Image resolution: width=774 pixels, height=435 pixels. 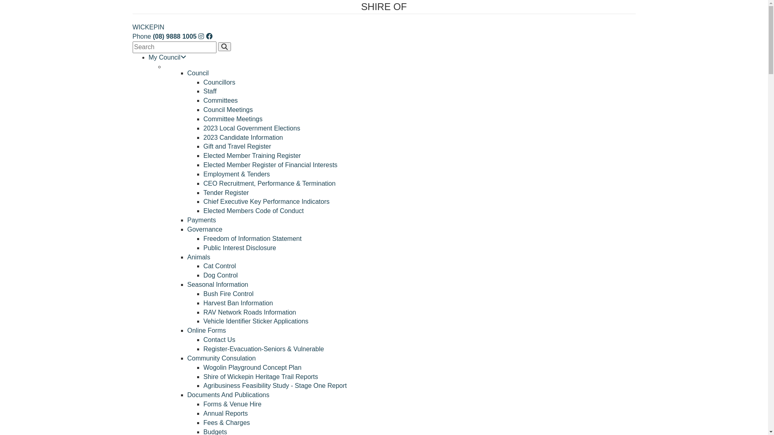 What do you see at coordinates (266, 201) in the screenshot?
I see `'Chief Executive Key Performance Indicators'` at bounding box center [266, 201].